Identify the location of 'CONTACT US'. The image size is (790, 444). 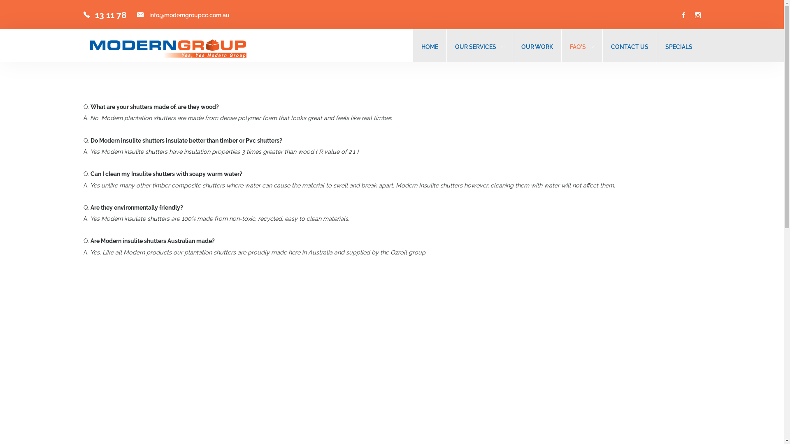
(629, 46).